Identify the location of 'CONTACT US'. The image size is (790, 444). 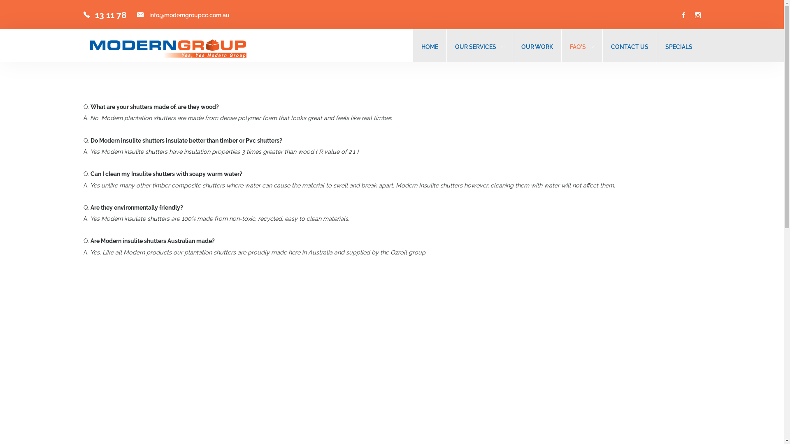
(629, 46).